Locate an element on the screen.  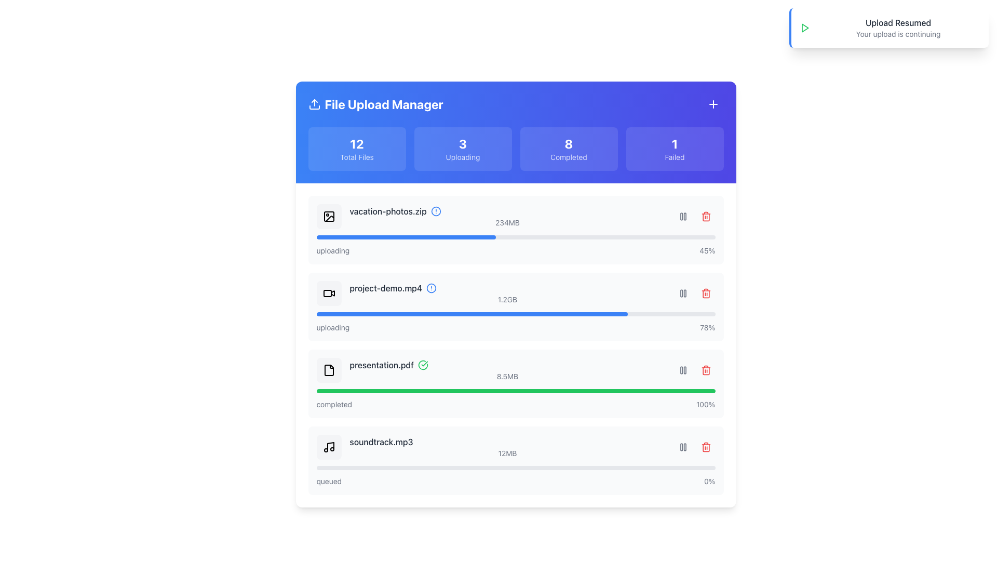
the small, rounded, rectangular 'pause' button located to the right of 'soundtrack.mp3' in the file upload manager interface is located at coordinates (683, 446).